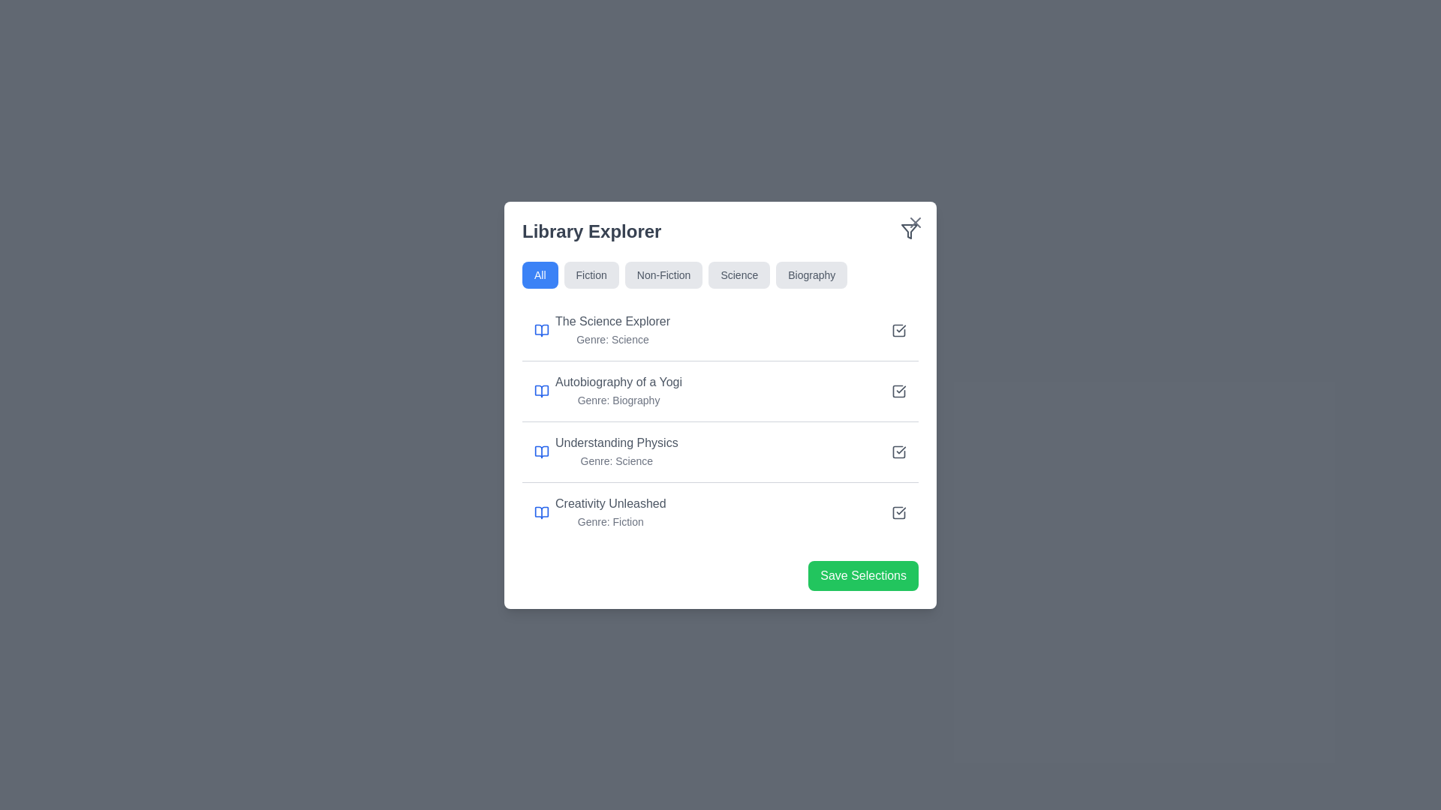 The height and width of the screenshot is (810, 1441). What do you see at coordinates (591, 274) in the screenshot?
I see `the 'Fiction' button, which is a rectangular button with a gray background and rounded corners, labeled with the word 'Fiction' in black text, positioned second from the left in a horizontal row of buttons at the top of a modal dialog box` at bounding box center [591, 274].